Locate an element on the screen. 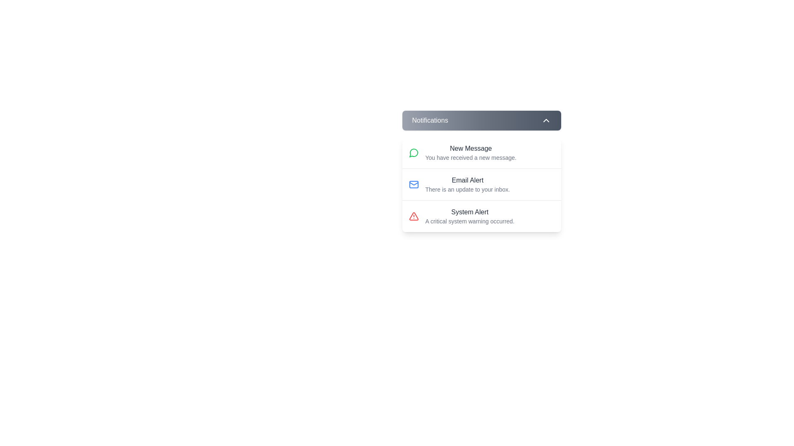 The image size is (794, 446). the up-facing chevron arrow icon located on the far right of the 'Notifications' top bar is located at coordinates (546, 121).